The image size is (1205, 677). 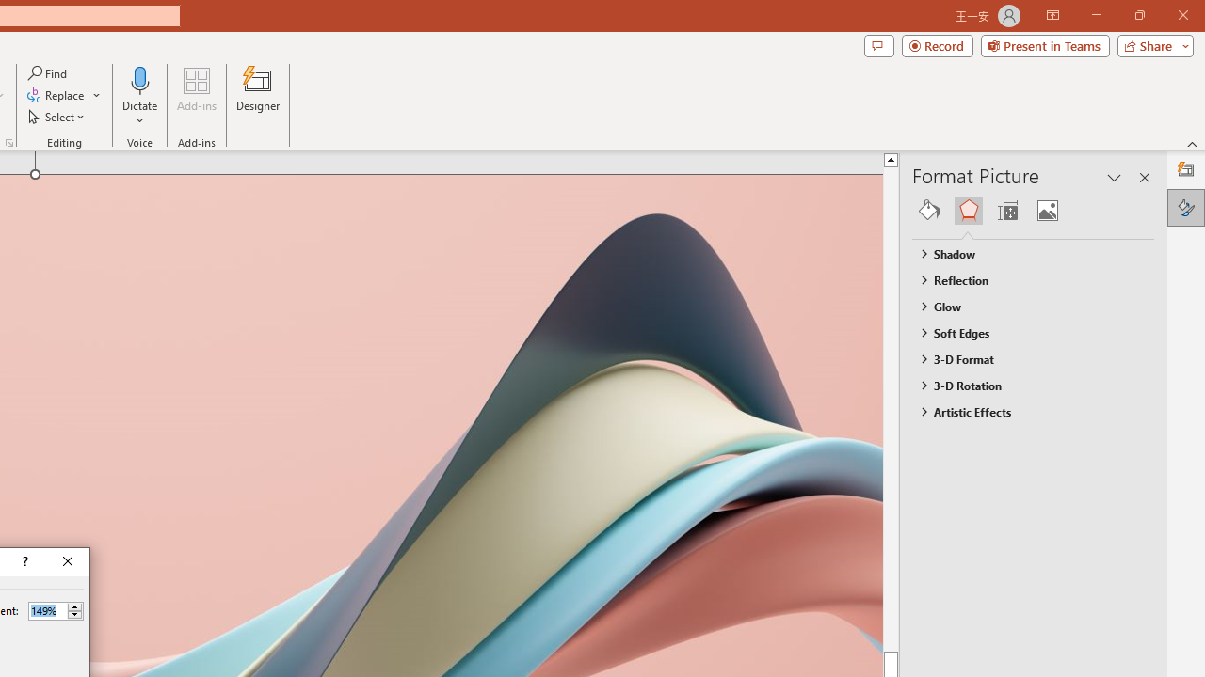 I want to click on 'Percent', so click(x=47, y=610).